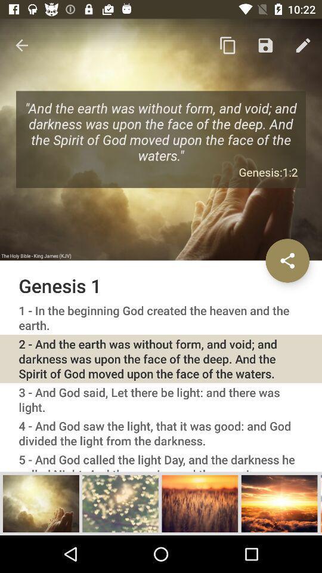  Describe the element at coordinates (120, 503) in the screenshot. I see `enlarge image` at that location.